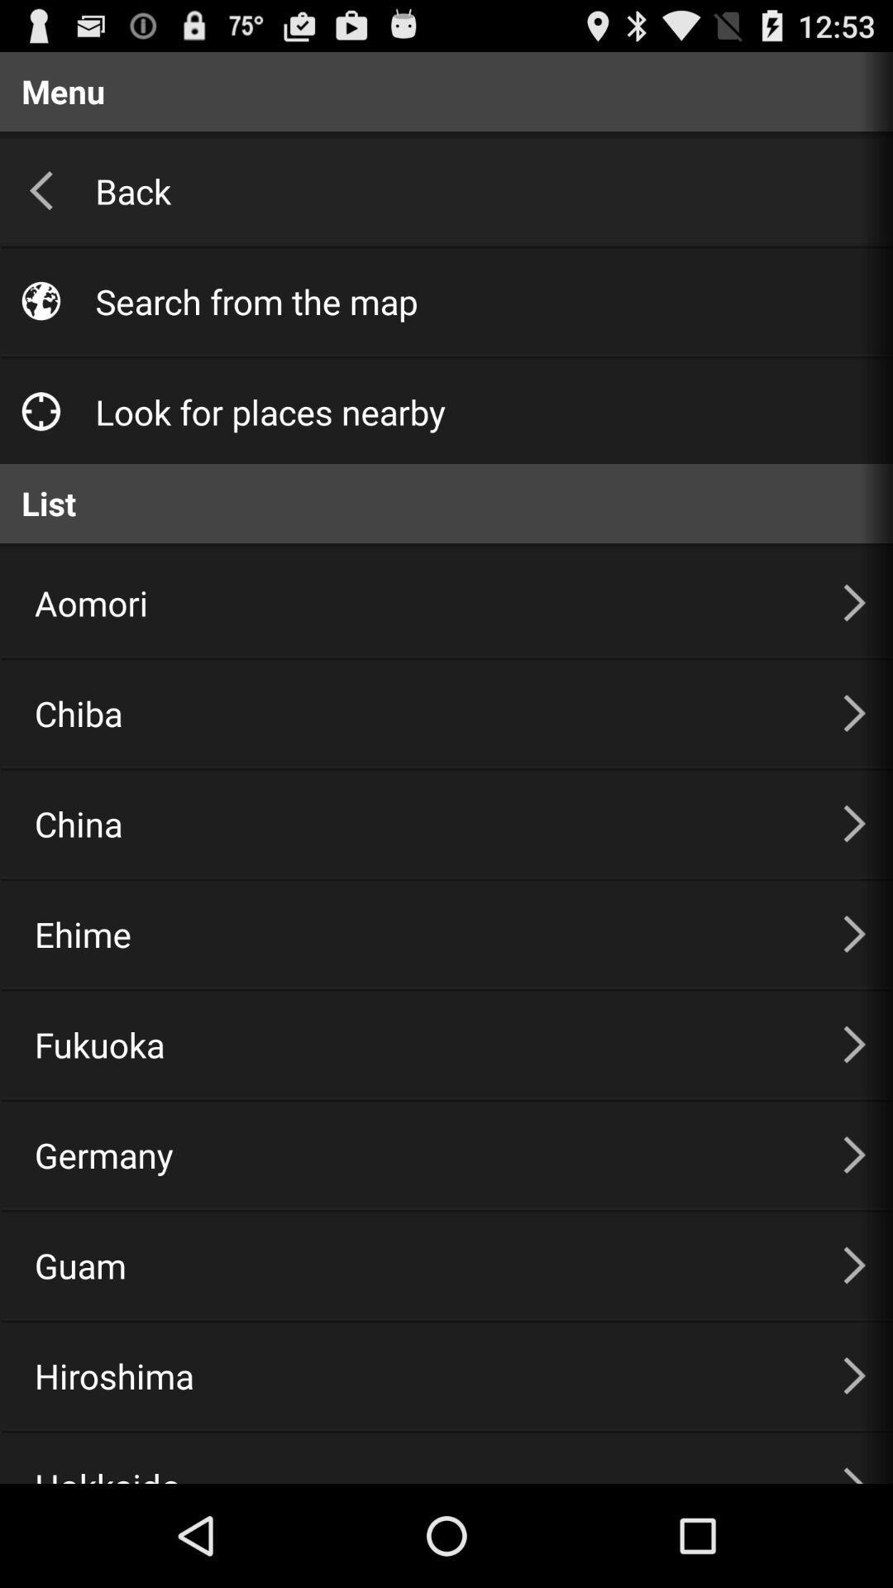 The width and height of the screenshot is (893, 1588). What do you see at coordinates (418, 1458) in the screenshot?
I see `the icon below hiroshima` at bounding box center [418, 1458].